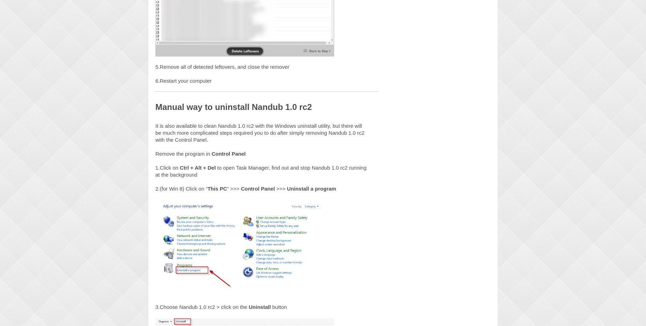 This screenshot has width=646, height=326. I want to click on 'button', so click(279, 306).